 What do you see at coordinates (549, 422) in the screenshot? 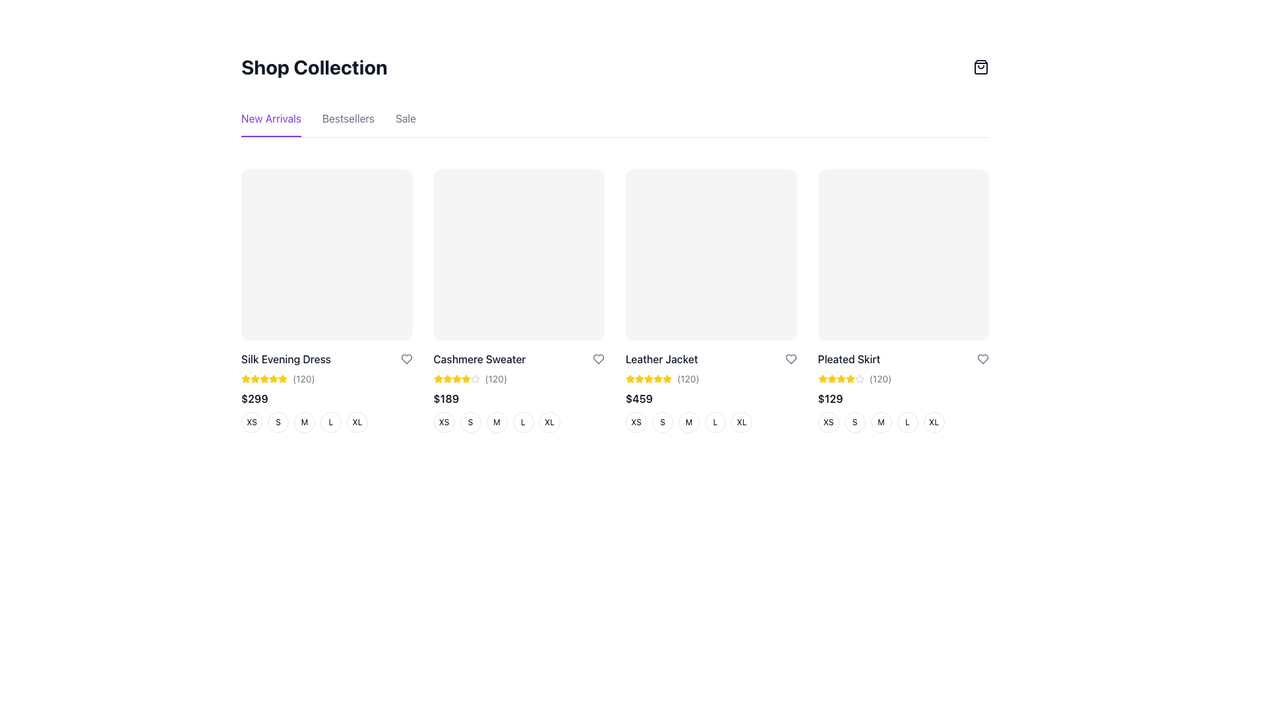
I see `the circular button labeled 'XL'` at bounding box center [549, 422].